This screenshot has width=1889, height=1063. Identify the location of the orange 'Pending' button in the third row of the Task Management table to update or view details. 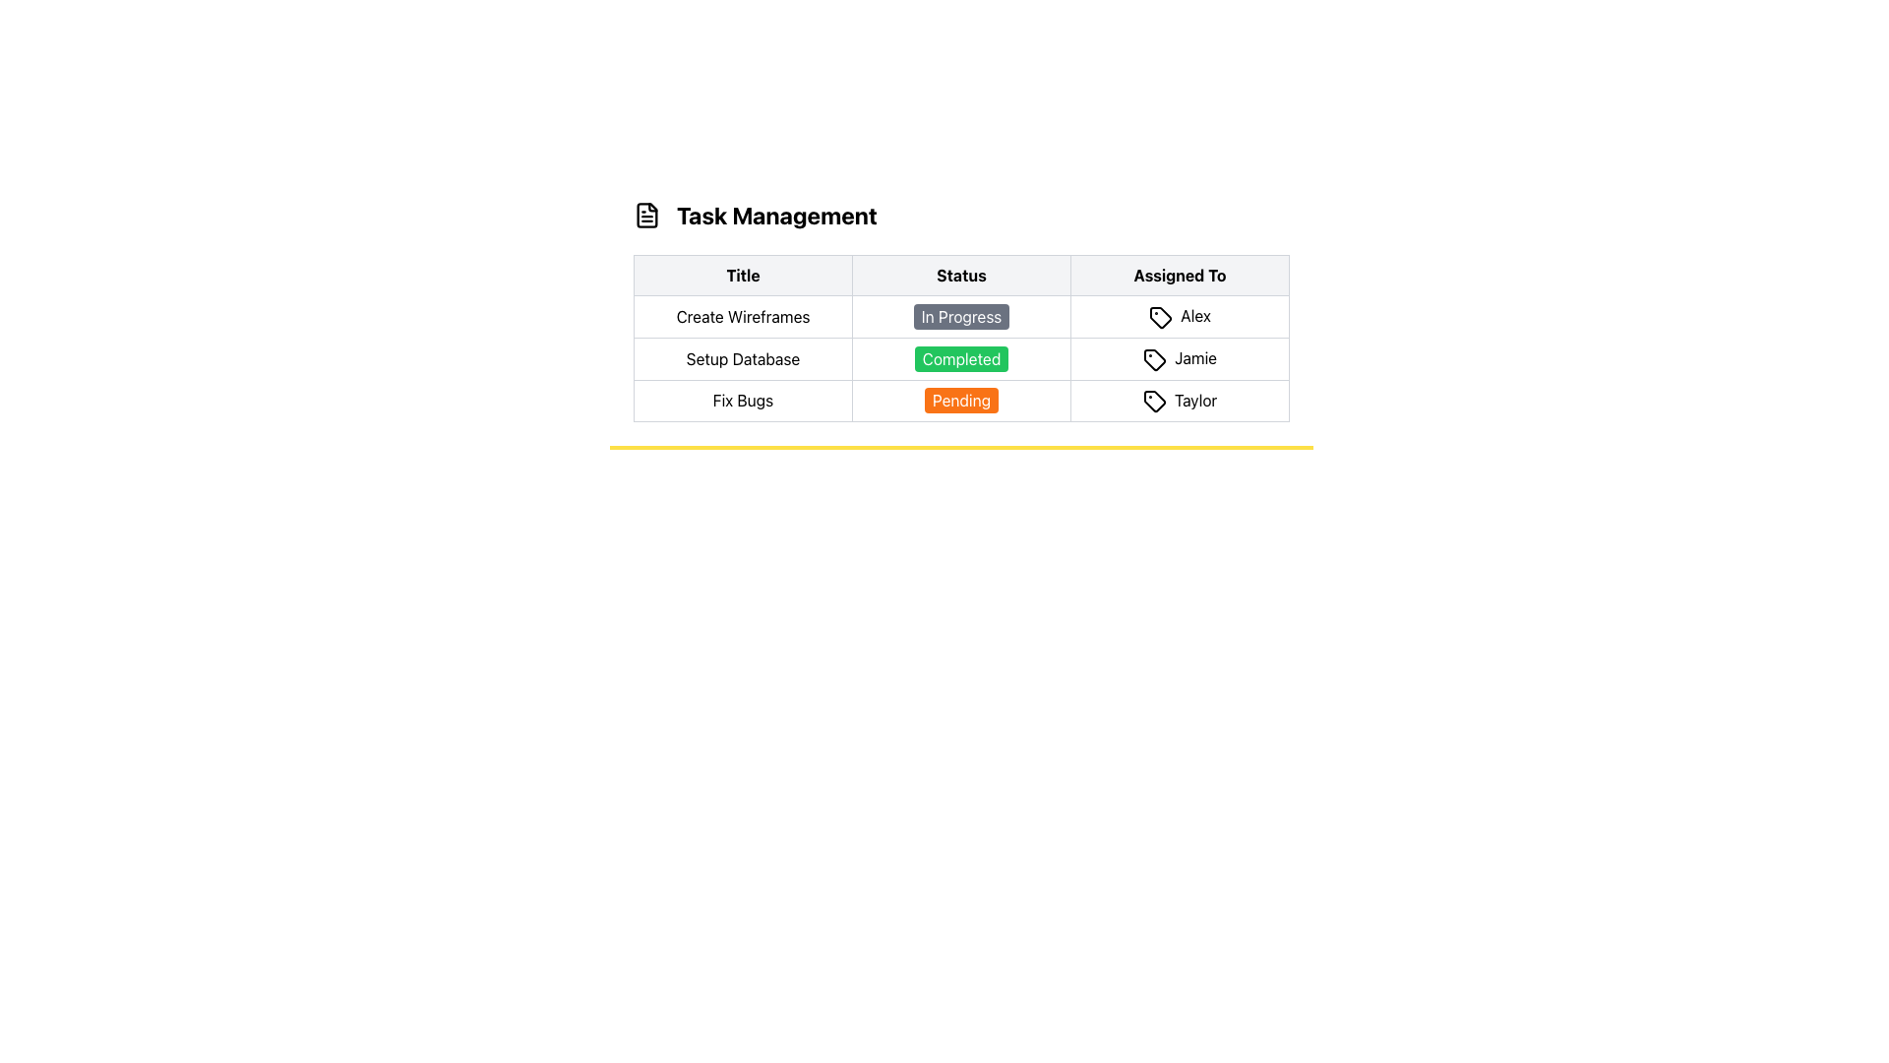
(961, 400).